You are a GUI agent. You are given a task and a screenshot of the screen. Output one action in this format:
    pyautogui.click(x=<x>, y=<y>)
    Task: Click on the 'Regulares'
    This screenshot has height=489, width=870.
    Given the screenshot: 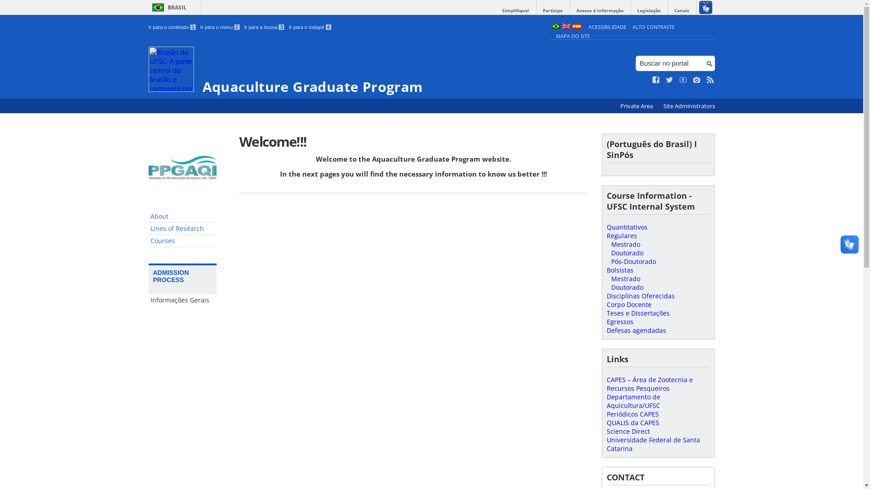 What is the action you would take?
    pyautogui.click(x=621, y=235)
    